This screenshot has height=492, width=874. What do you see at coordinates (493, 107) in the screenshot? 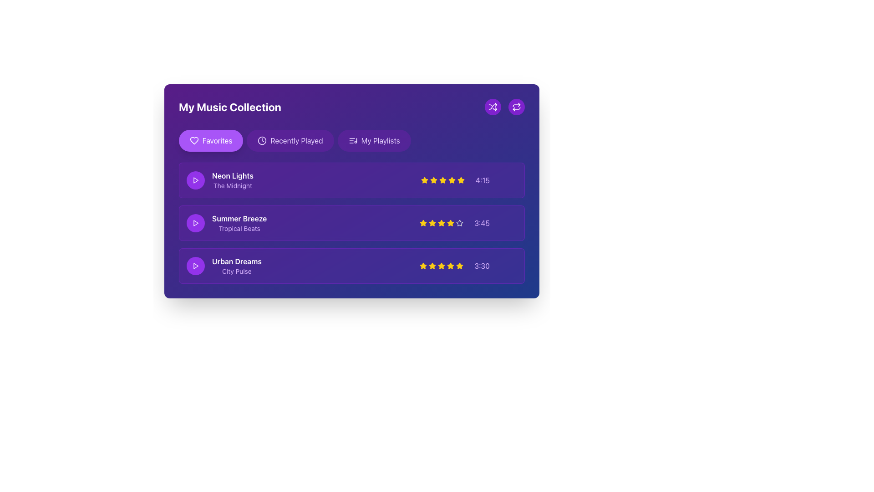
I see `the circular shuffle button with a purple background and a white shuffle icon` at bounding box center [493, 107].